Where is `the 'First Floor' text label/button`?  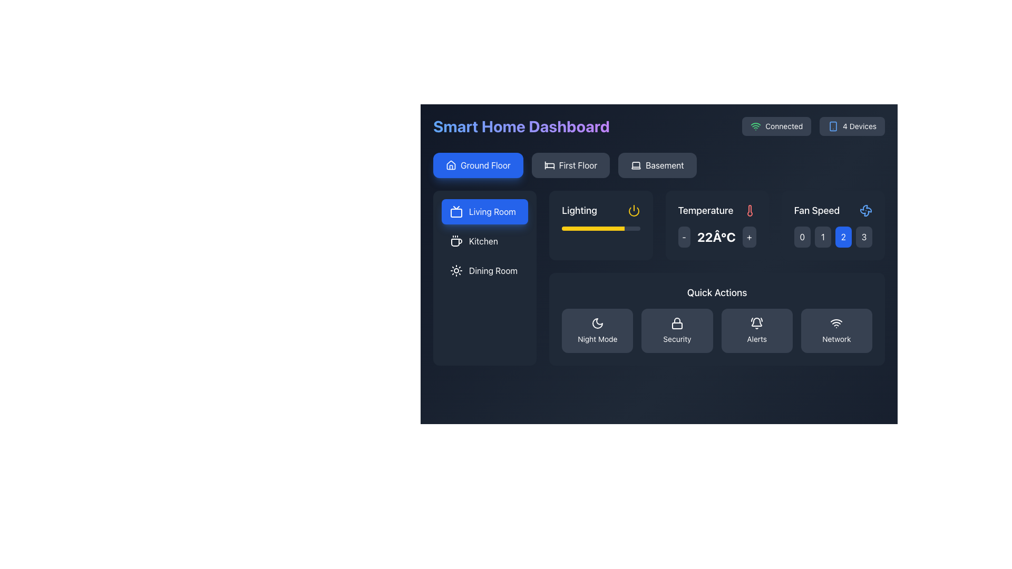 the 'First Floor' text label/button is located at coordinates (577, 165).